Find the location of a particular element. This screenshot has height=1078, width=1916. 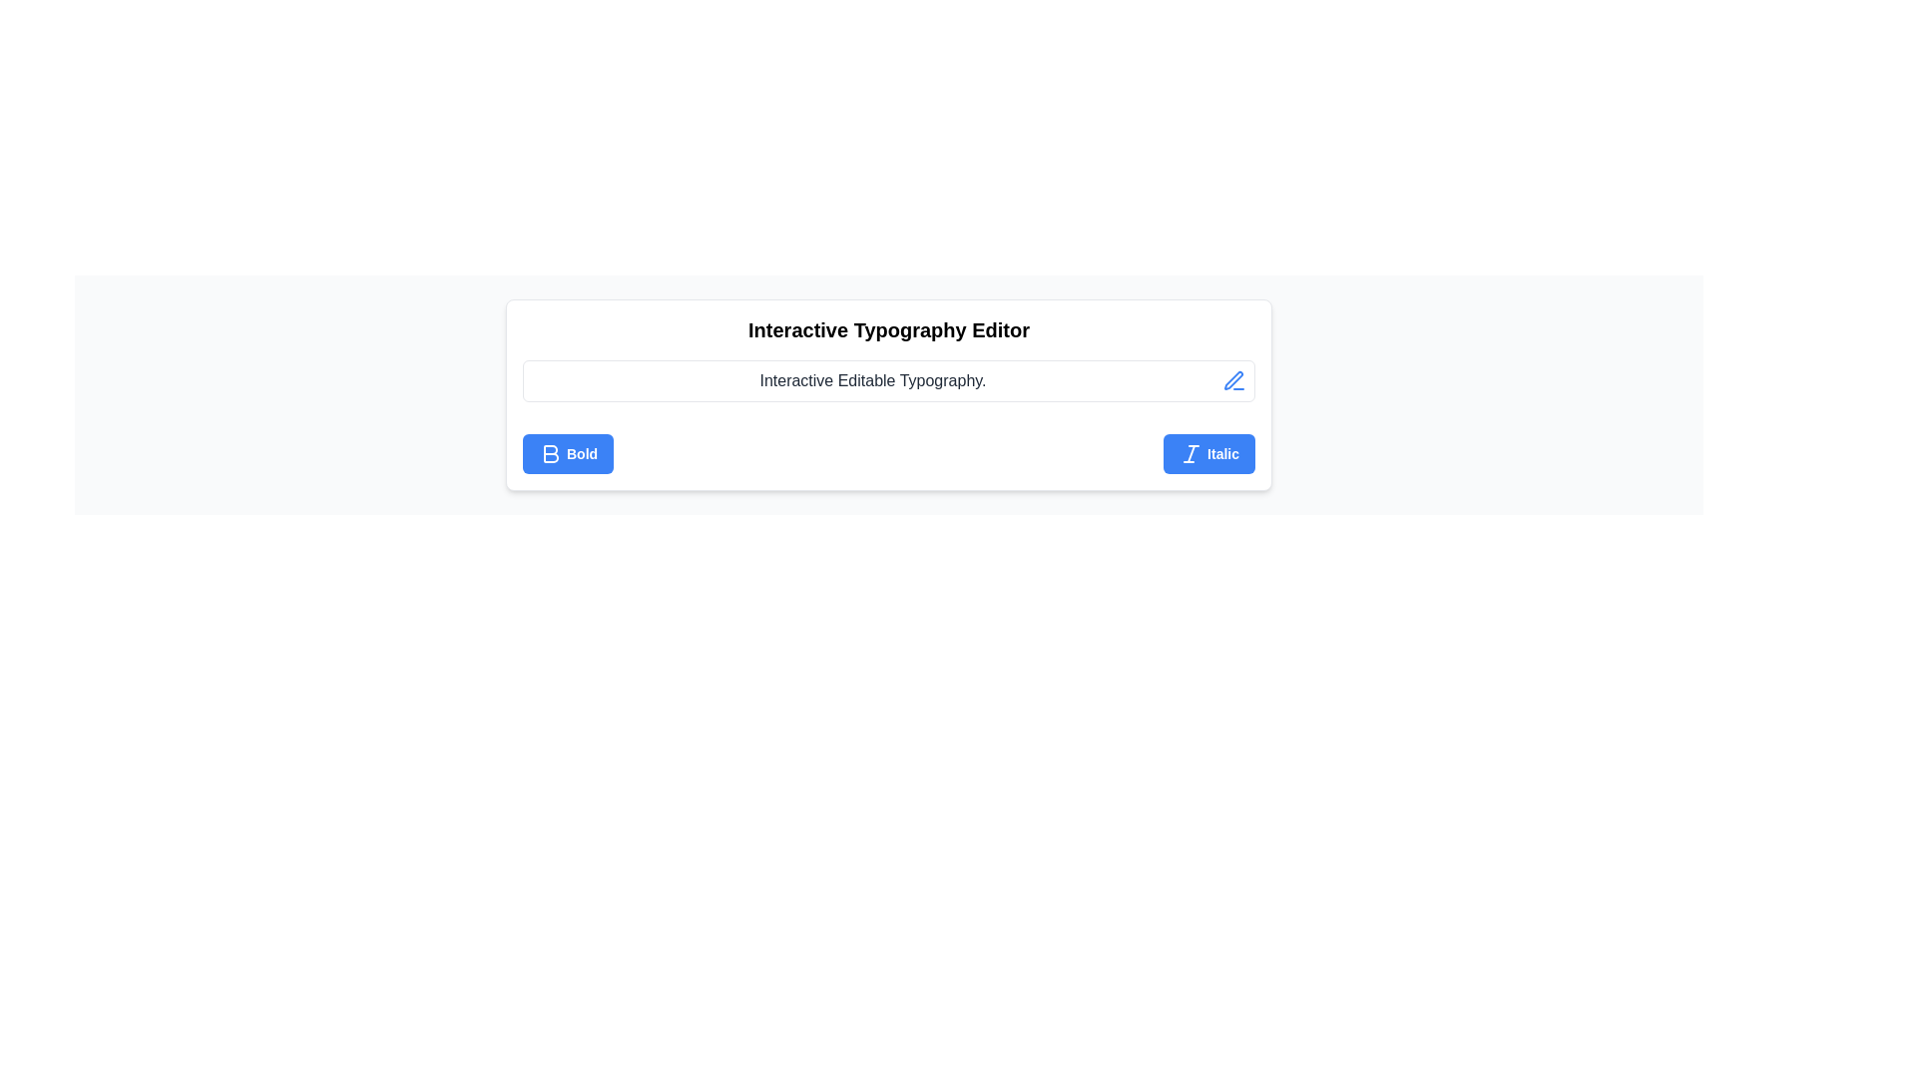

the SVG icon representing the bold function, which is a blue-stroked letter 'B' located at the leftmost side of the 'Bold' button is located at coordinates (551, 454).